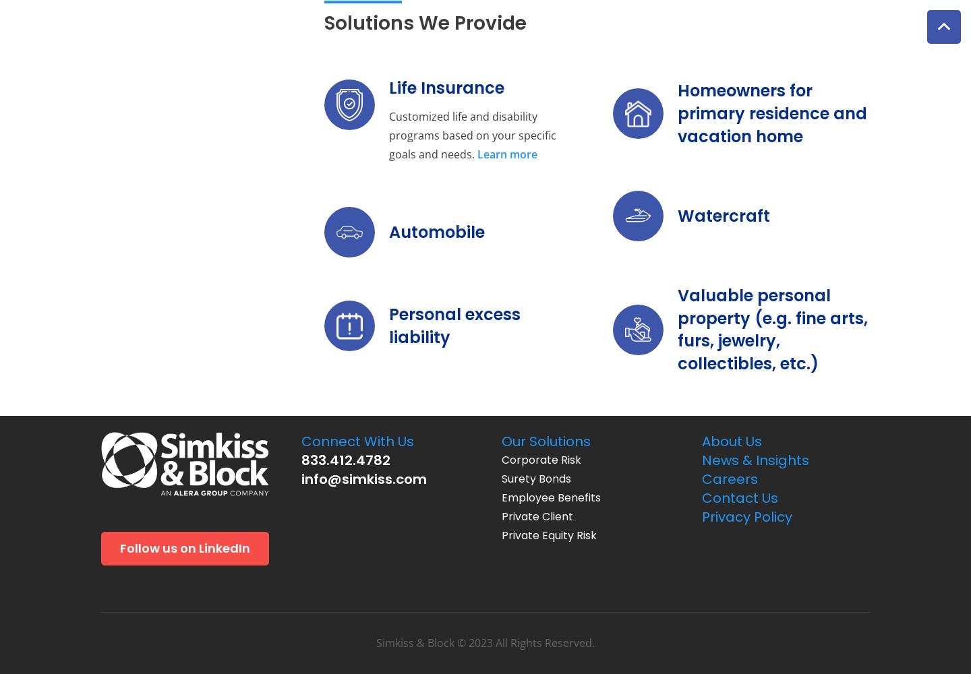  What do you see at coordinates (541, 460) in the screenshot?
I see `'Corporate Risk'` at bounding box center [541, 460].